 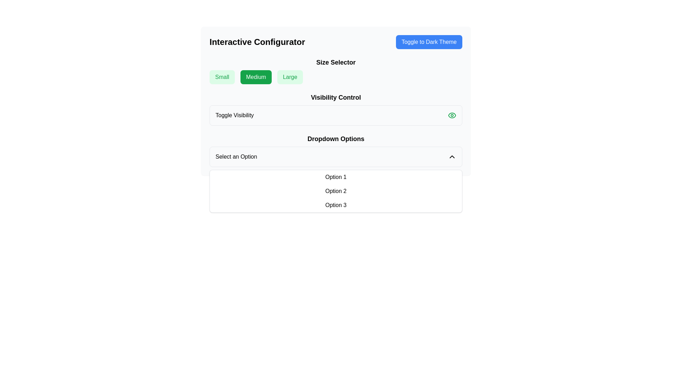 I want to click on the 'Large' button with a light green background via keyboard navigation, so click(x=290, y=77).